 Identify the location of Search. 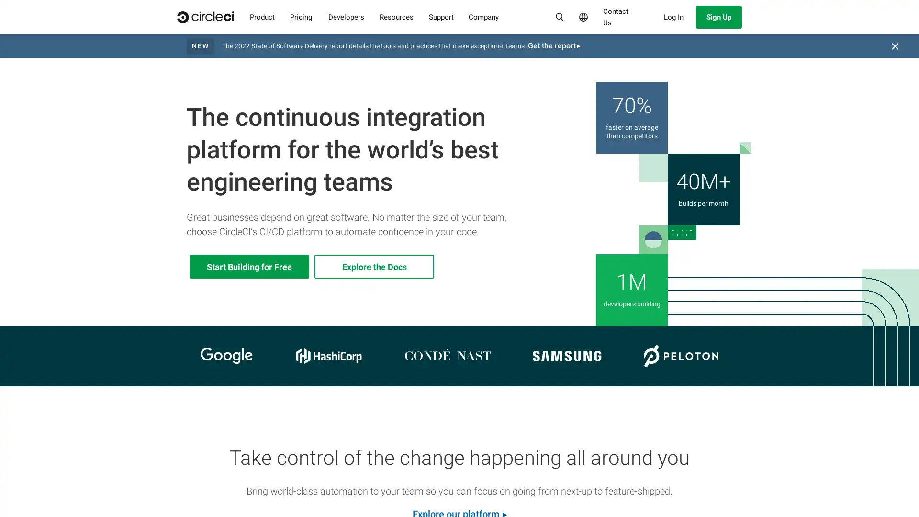
(560, 17).